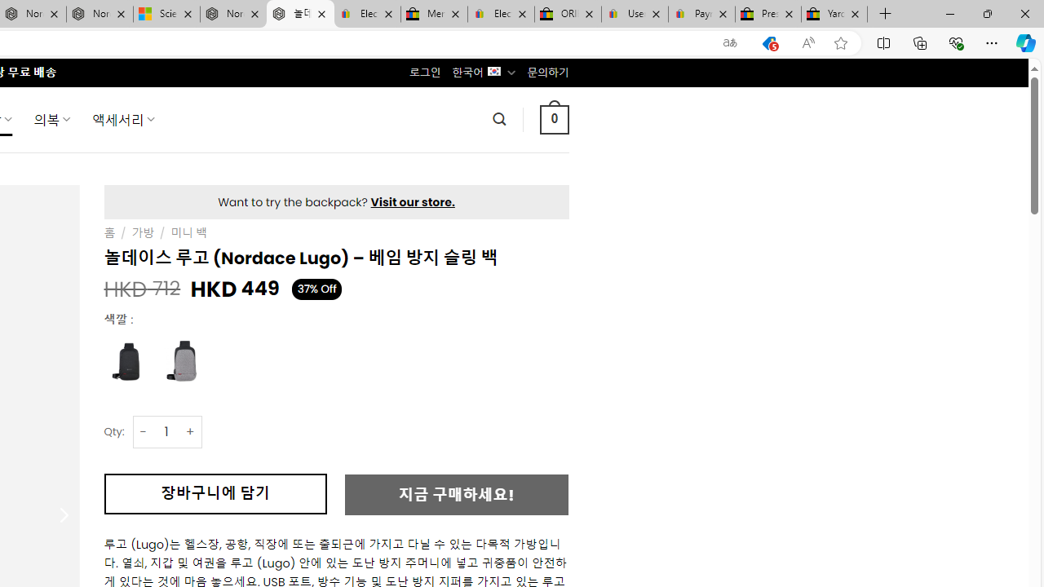 Image resolution: width=1044 pixels, height=587 pixels. I want to click on 'This site has coupons! Shopping in Microsoft Edge, 5', so click(768, 42).